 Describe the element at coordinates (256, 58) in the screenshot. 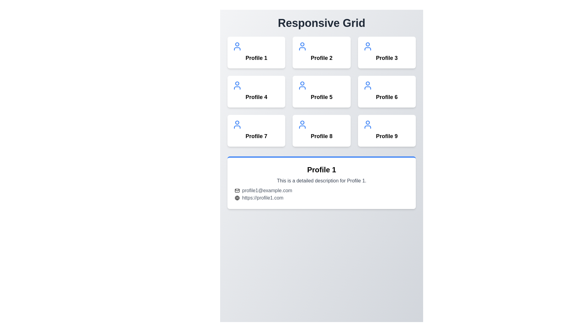

I see `the 'Profile 1' text label, which is prominently displayed in bold, large-sized font within a card in the top-left corner of the interface` at that location.